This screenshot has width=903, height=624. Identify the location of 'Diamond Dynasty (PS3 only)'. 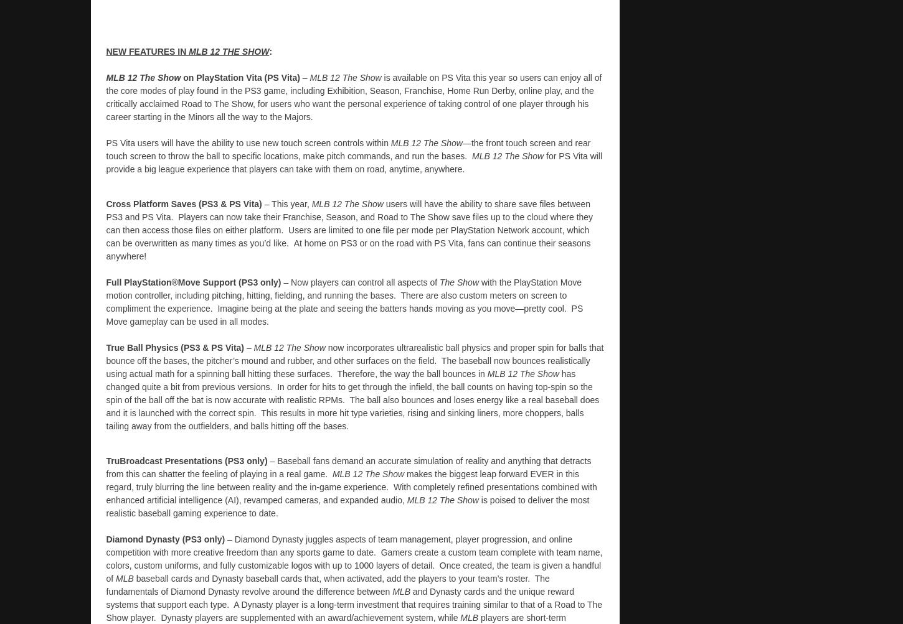
(166, 538).